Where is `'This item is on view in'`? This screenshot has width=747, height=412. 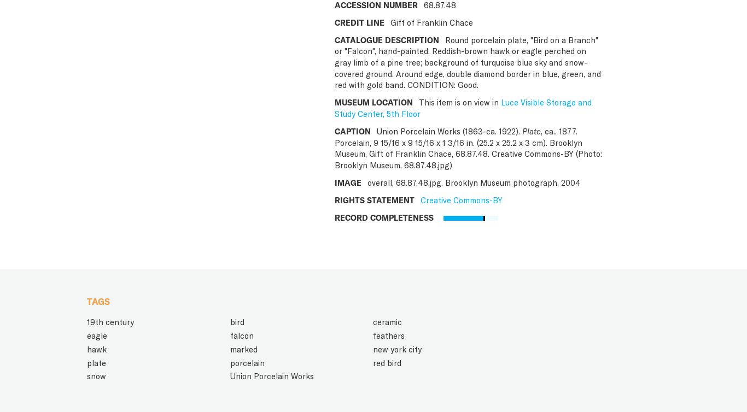
'This item is on view in' is located at coordinates (416, 102).